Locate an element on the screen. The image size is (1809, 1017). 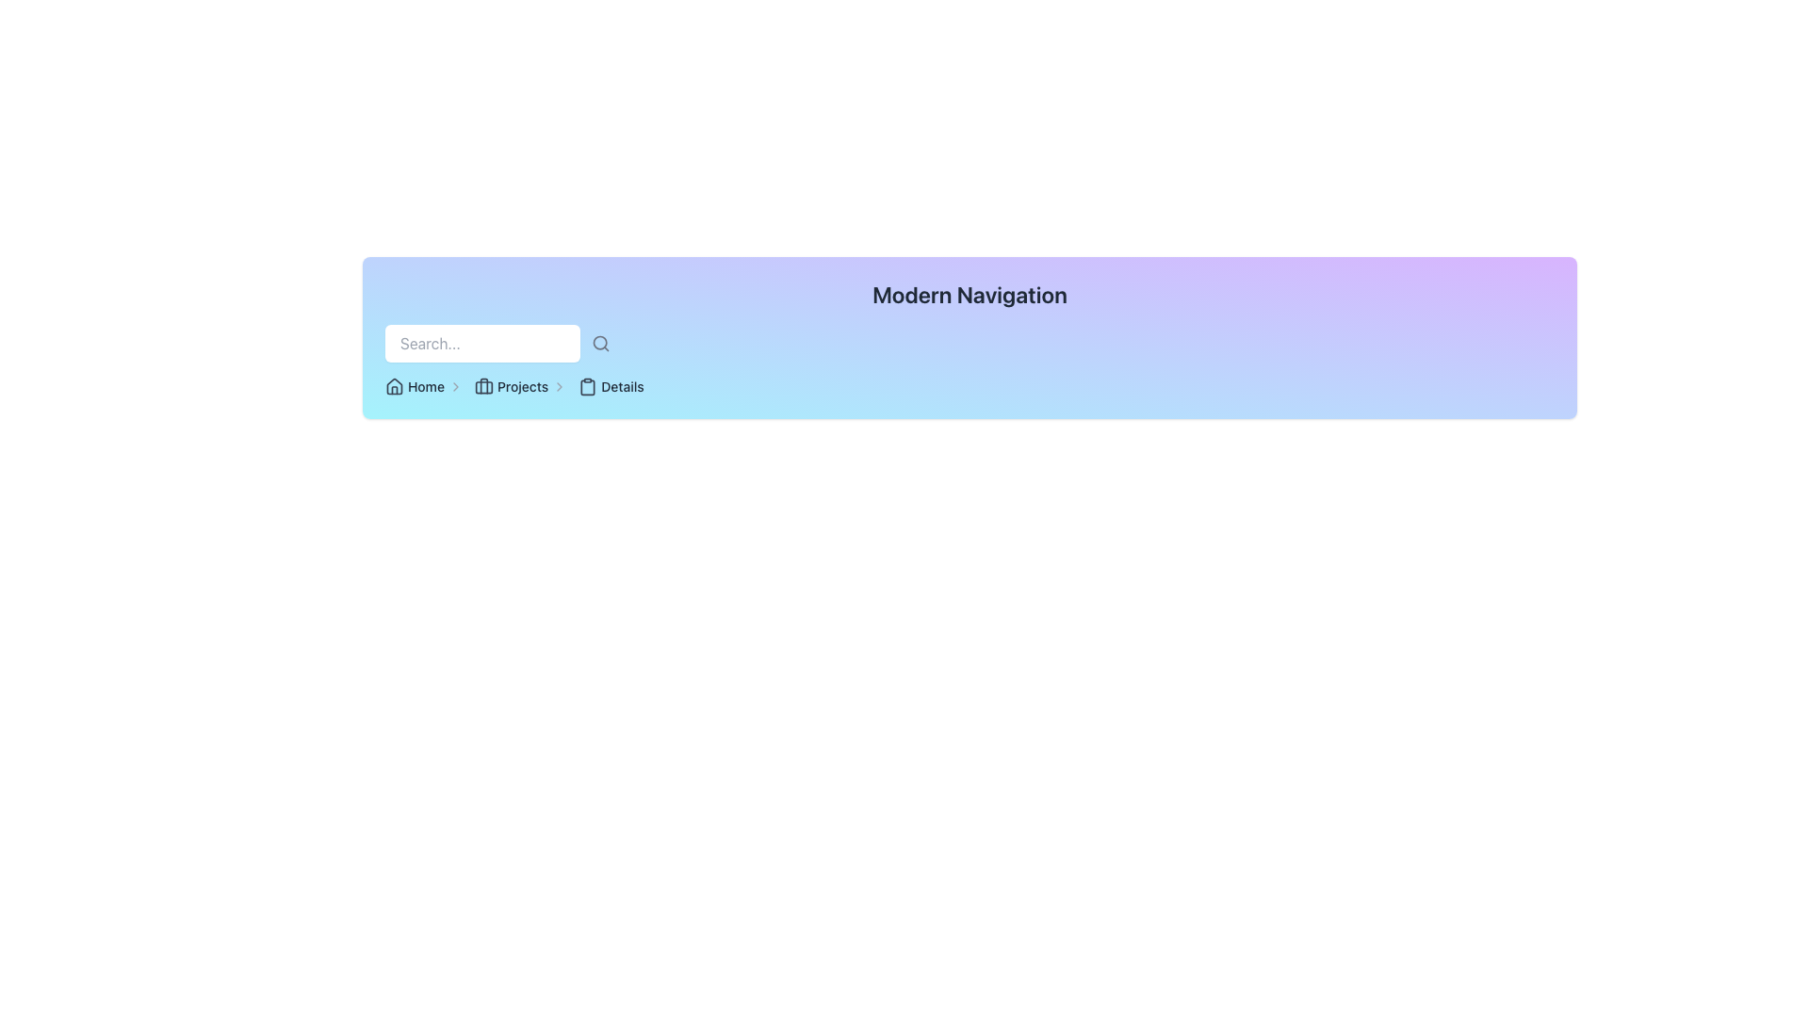
the text label displaying 'Modern Navigation' which is styled prominently with a bold, large, dark gray font on a colorful gradient background is located at coordinates (970, 294).